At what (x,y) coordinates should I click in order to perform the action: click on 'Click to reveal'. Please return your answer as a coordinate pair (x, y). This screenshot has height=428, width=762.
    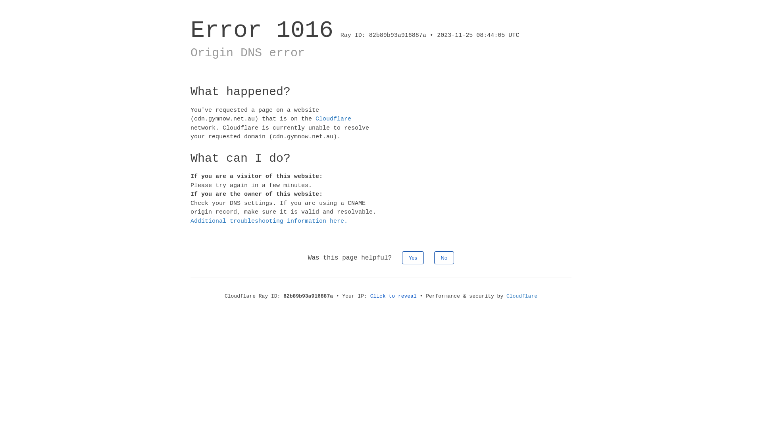
    Looking at the image, I should click on (369, 296).